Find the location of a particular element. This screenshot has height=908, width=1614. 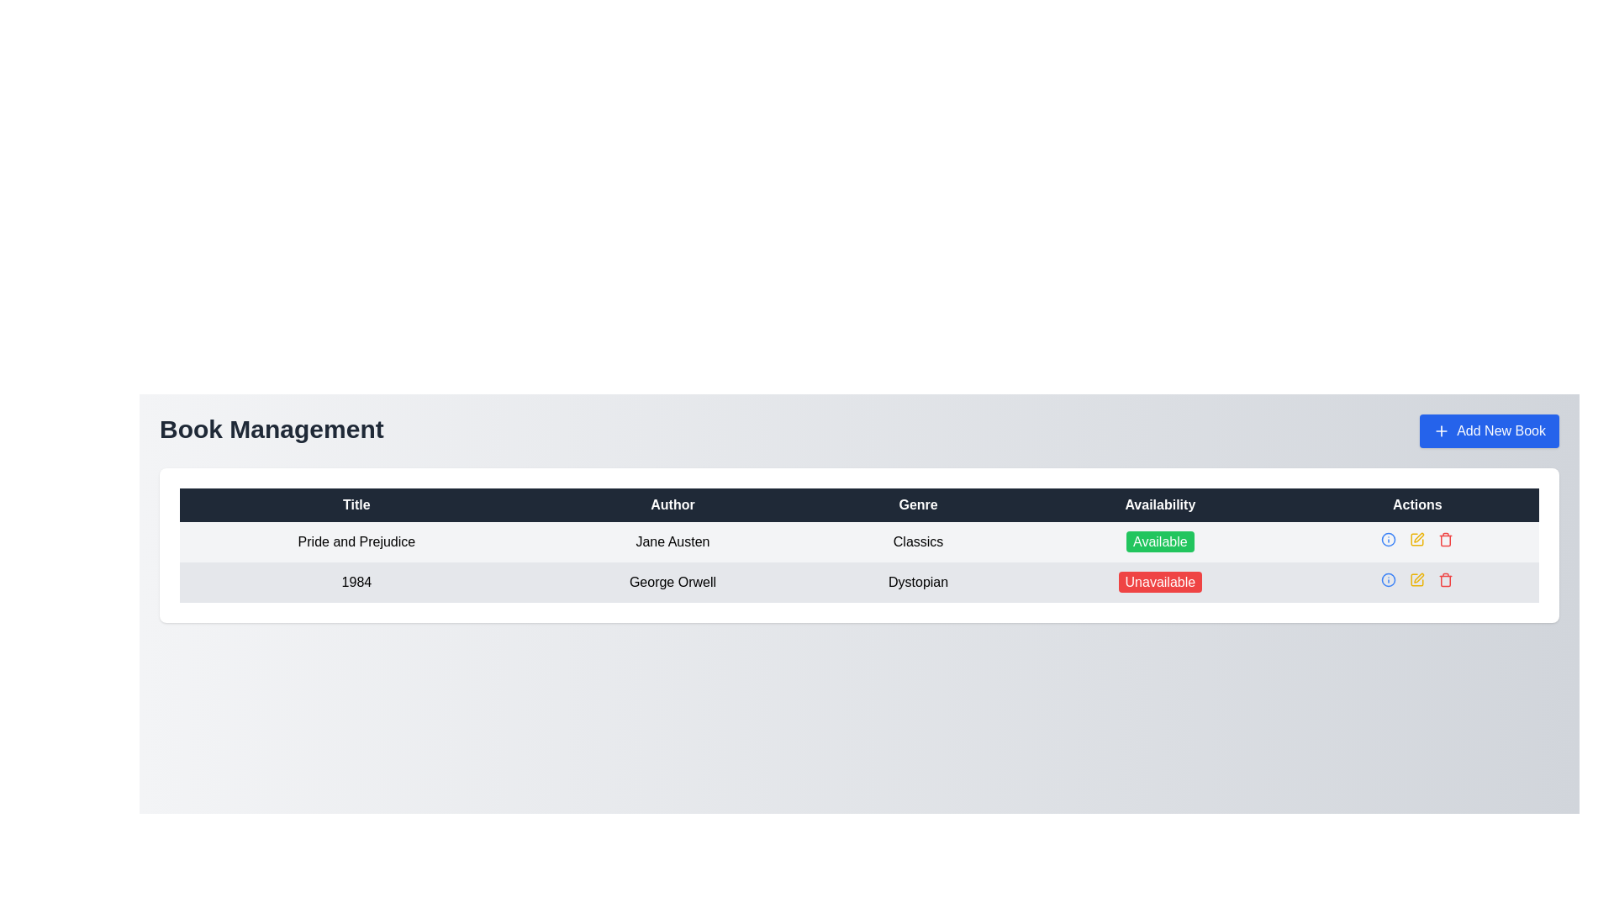

the 'Unavailable' label with a red background and white text located in the 'Availability' column of the second row corresponding to the book titled '1984' is located at coordinates (1159, 581).